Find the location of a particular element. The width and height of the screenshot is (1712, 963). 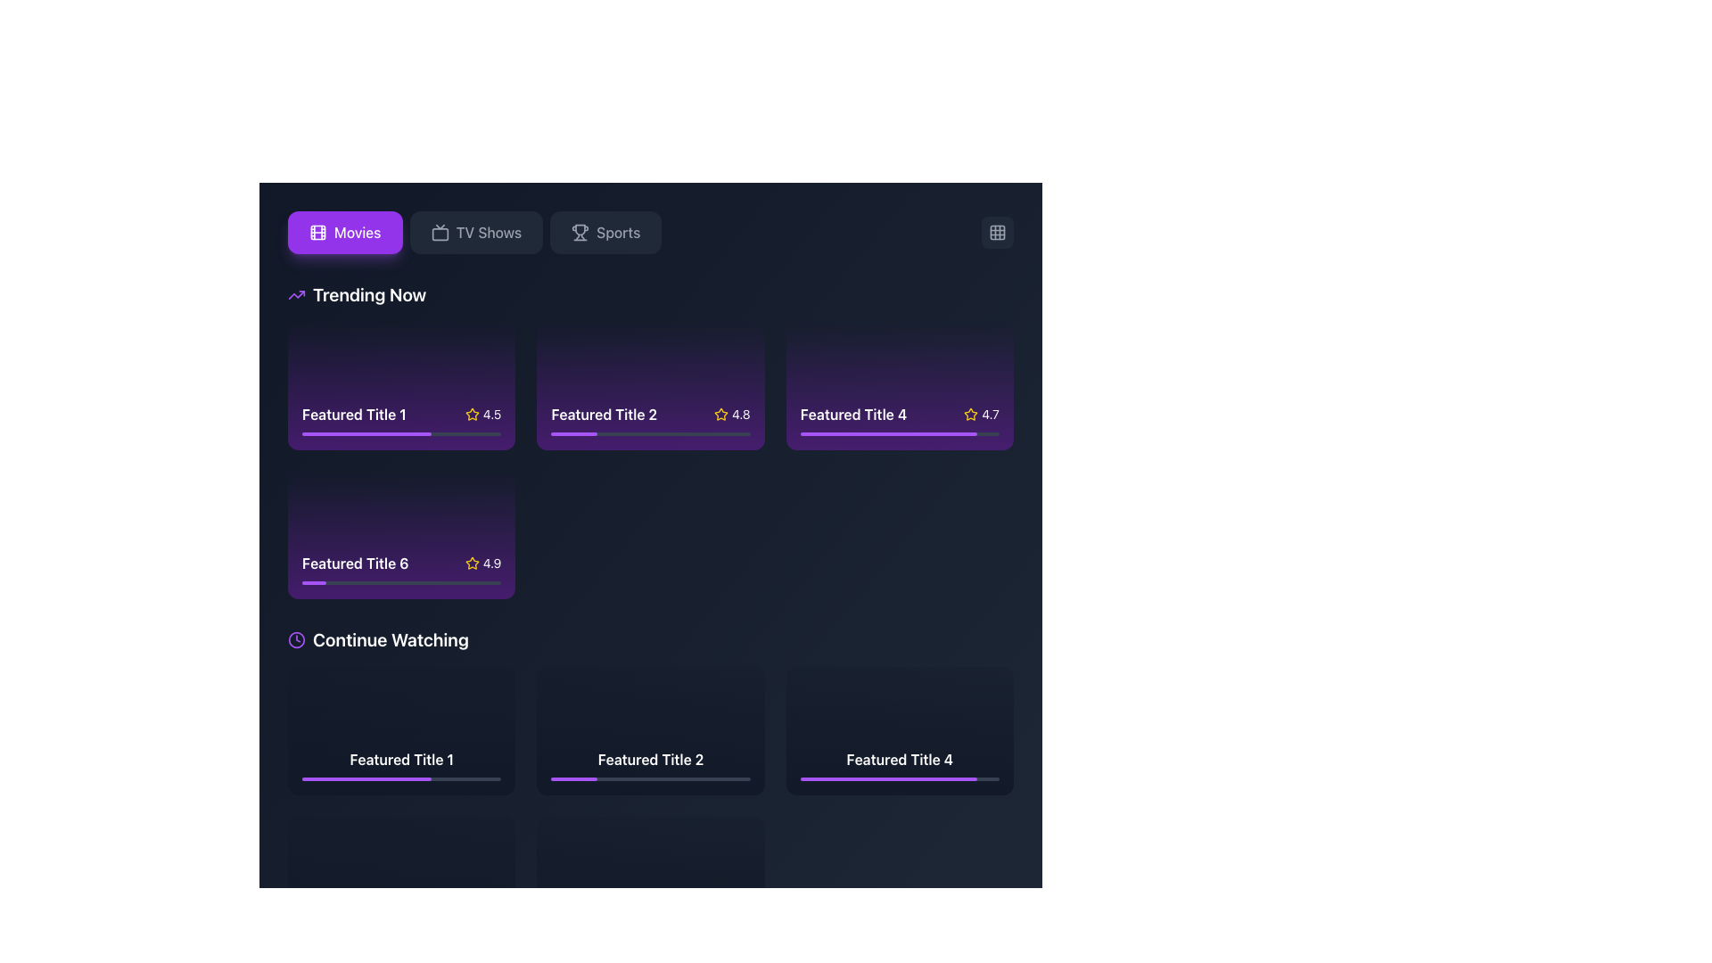

the progress bar indicating the completion progress of 'Featured Title 1' located in the 'Continue Watching' section is located at coordinates (347, 927).